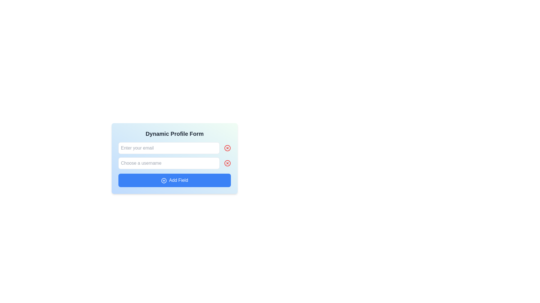  I want to click on the inner circular shape of the '+' icon within the blue button labeled 'Add Field', so click(164, 180).